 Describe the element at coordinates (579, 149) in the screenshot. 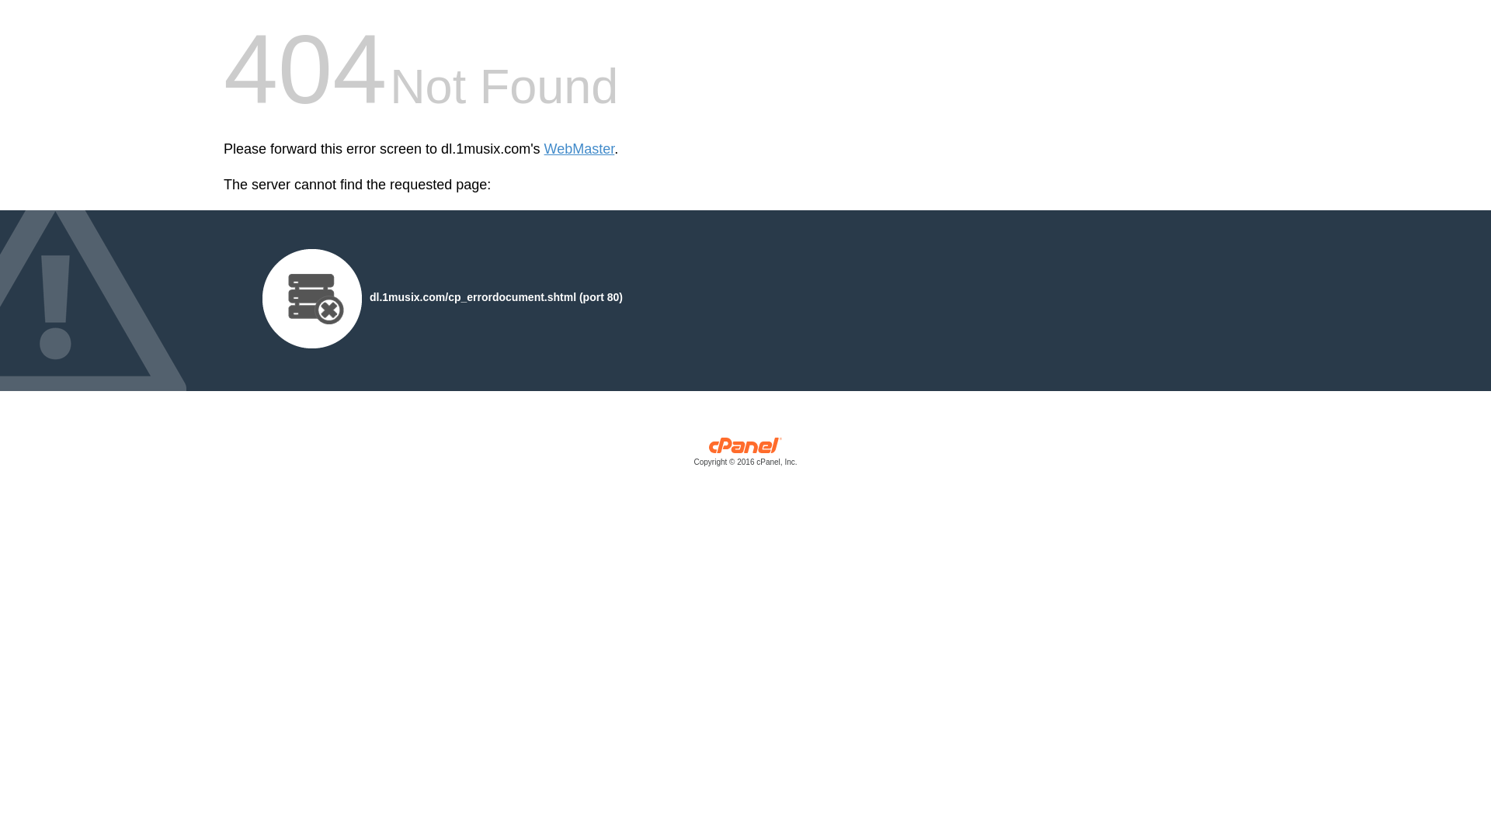

I see `'WebMaster'` at that location.